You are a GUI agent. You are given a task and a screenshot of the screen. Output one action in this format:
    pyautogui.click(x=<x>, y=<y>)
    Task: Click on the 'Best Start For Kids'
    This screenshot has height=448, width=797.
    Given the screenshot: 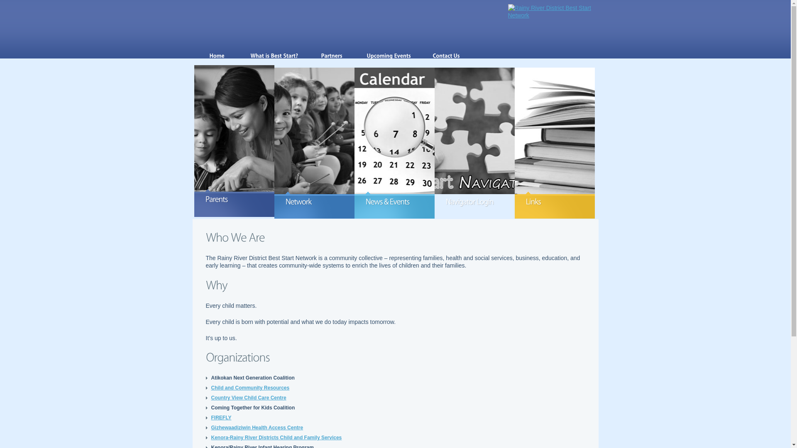 What is the action you would take?
    pyautogui.click(x=553, y=11)
    